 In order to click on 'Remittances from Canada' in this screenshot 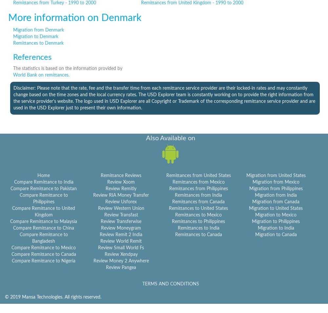, I will do `click(172, 202)`.